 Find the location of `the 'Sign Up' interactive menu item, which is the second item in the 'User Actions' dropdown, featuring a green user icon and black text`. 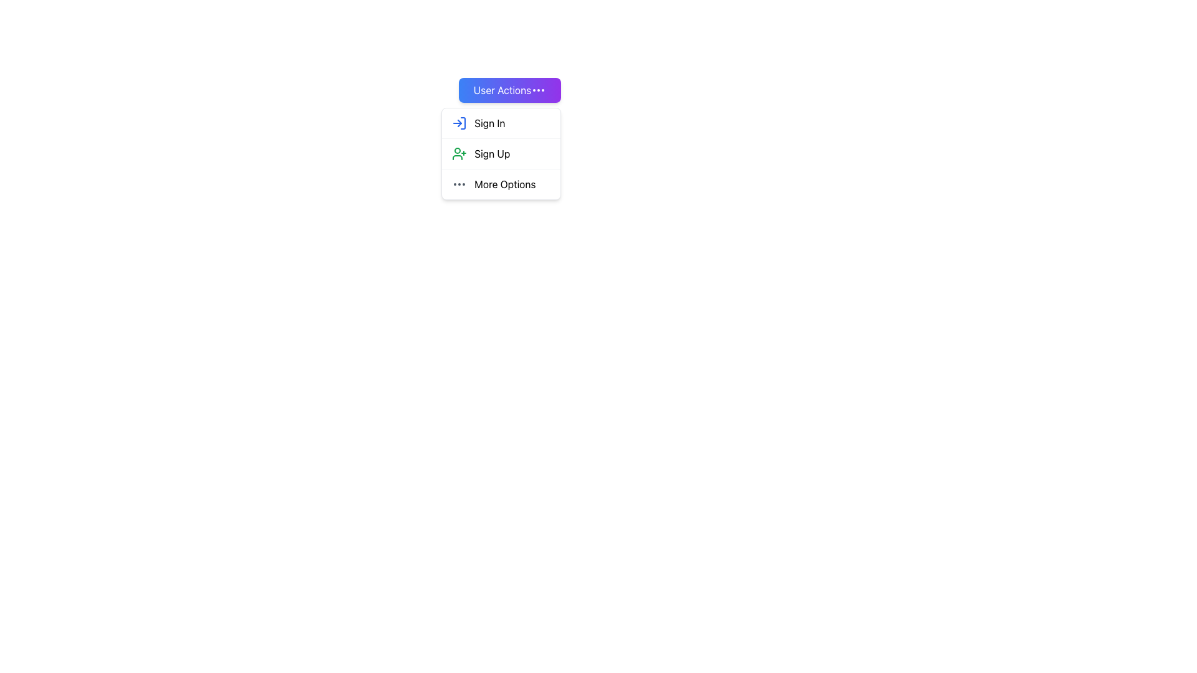

the 'Sign Up' interactive menu item, which is the second item in the 'User Actions' dropdown, featuring a green user icon and black text is located at coordinates (501, 153).